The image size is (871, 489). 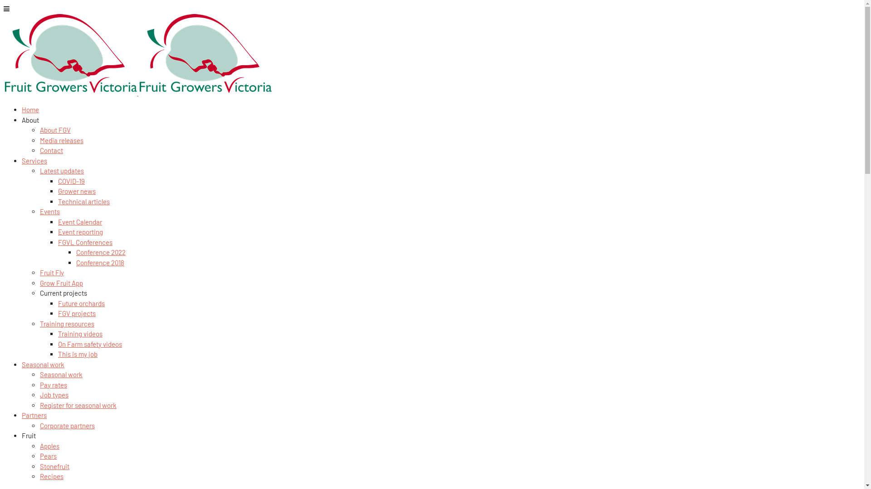 I want to click on 'Pay rates', so click(x=53, y=384).